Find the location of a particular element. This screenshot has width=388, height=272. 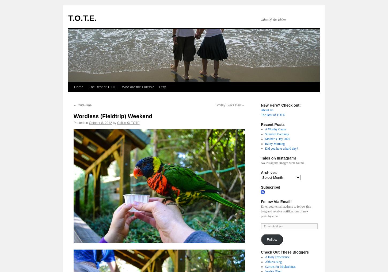

'About Us' is located at coordinates (267, 110).